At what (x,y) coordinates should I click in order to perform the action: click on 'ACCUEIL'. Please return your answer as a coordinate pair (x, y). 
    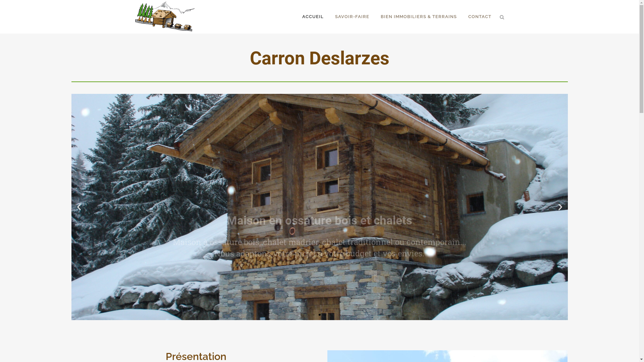
    Looking at the image, I should click on (312, 16).